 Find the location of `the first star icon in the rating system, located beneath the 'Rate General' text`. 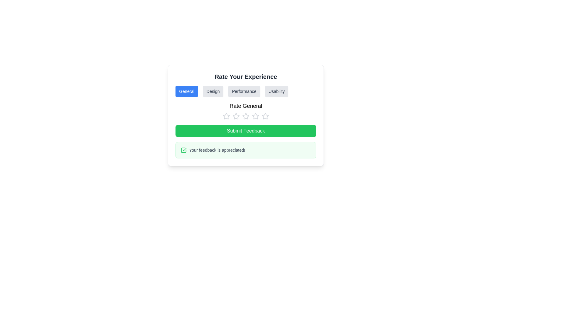

the first star icon in the rating system, located beneath the 'Rate General' text is located at coordinates (236, 116).